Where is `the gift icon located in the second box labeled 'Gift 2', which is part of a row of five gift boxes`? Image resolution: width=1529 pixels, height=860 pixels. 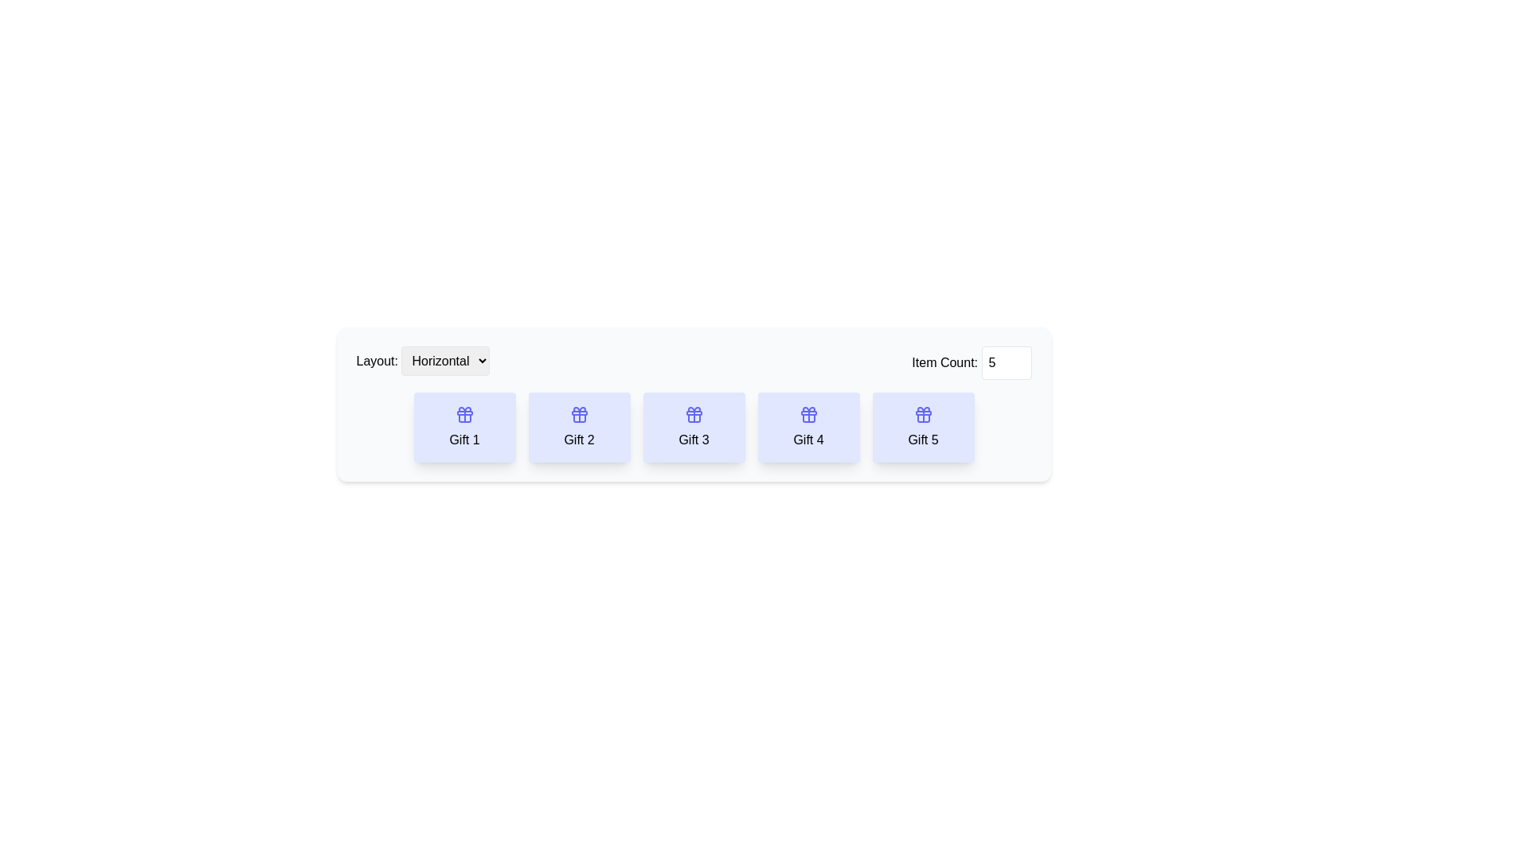 the gift icon located in the second box labeled 'Gift 2', which is part of a row of five gift boxes is located at coordinates (578, 413).